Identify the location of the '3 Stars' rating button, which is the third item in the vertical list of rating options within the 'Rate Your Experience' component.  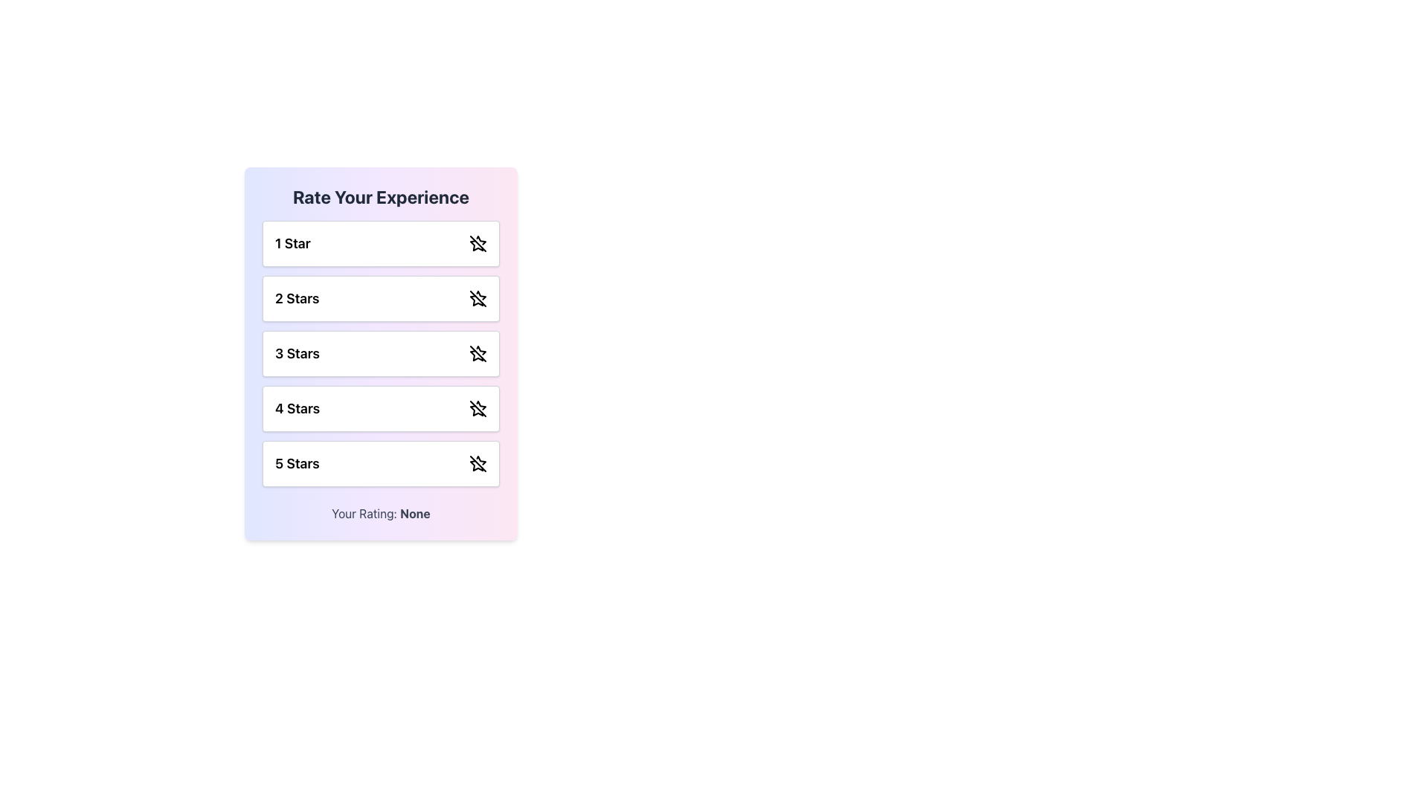
(381, 353).